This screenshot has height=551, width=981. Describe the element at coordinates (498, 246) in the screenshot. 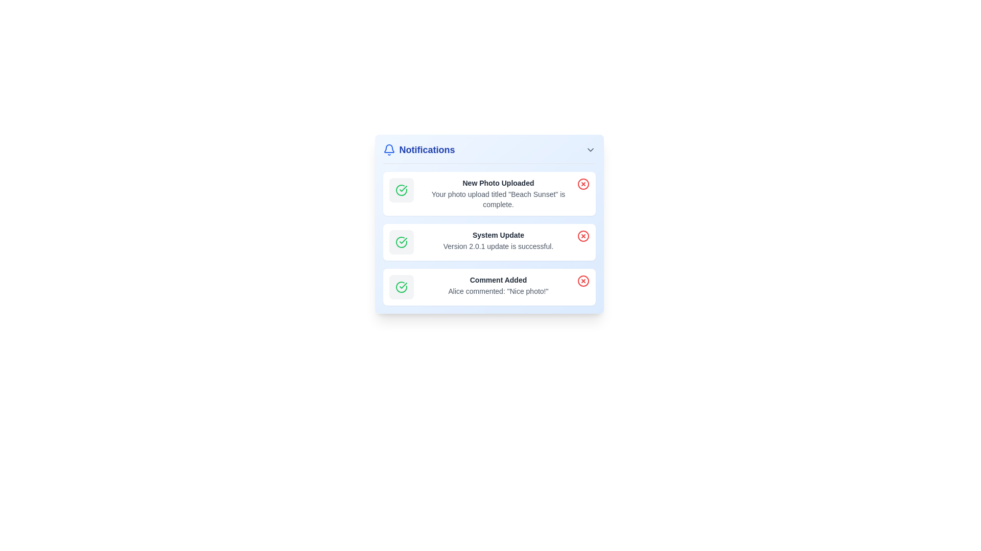

I see `status information from the text label indicating that version 2.0.1 has been successfully updated, which is located below the bold text 'System Update' in the second notification card` at that location.